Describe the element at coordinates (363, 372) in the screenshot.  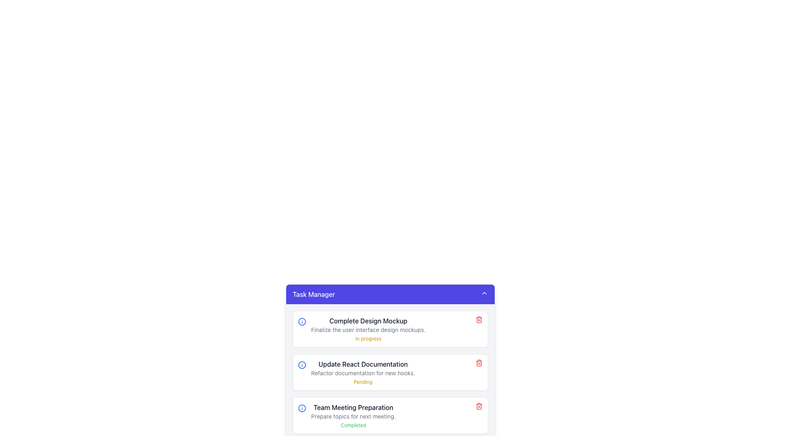
I see `the second task item entry in the vertical task list` at that location.